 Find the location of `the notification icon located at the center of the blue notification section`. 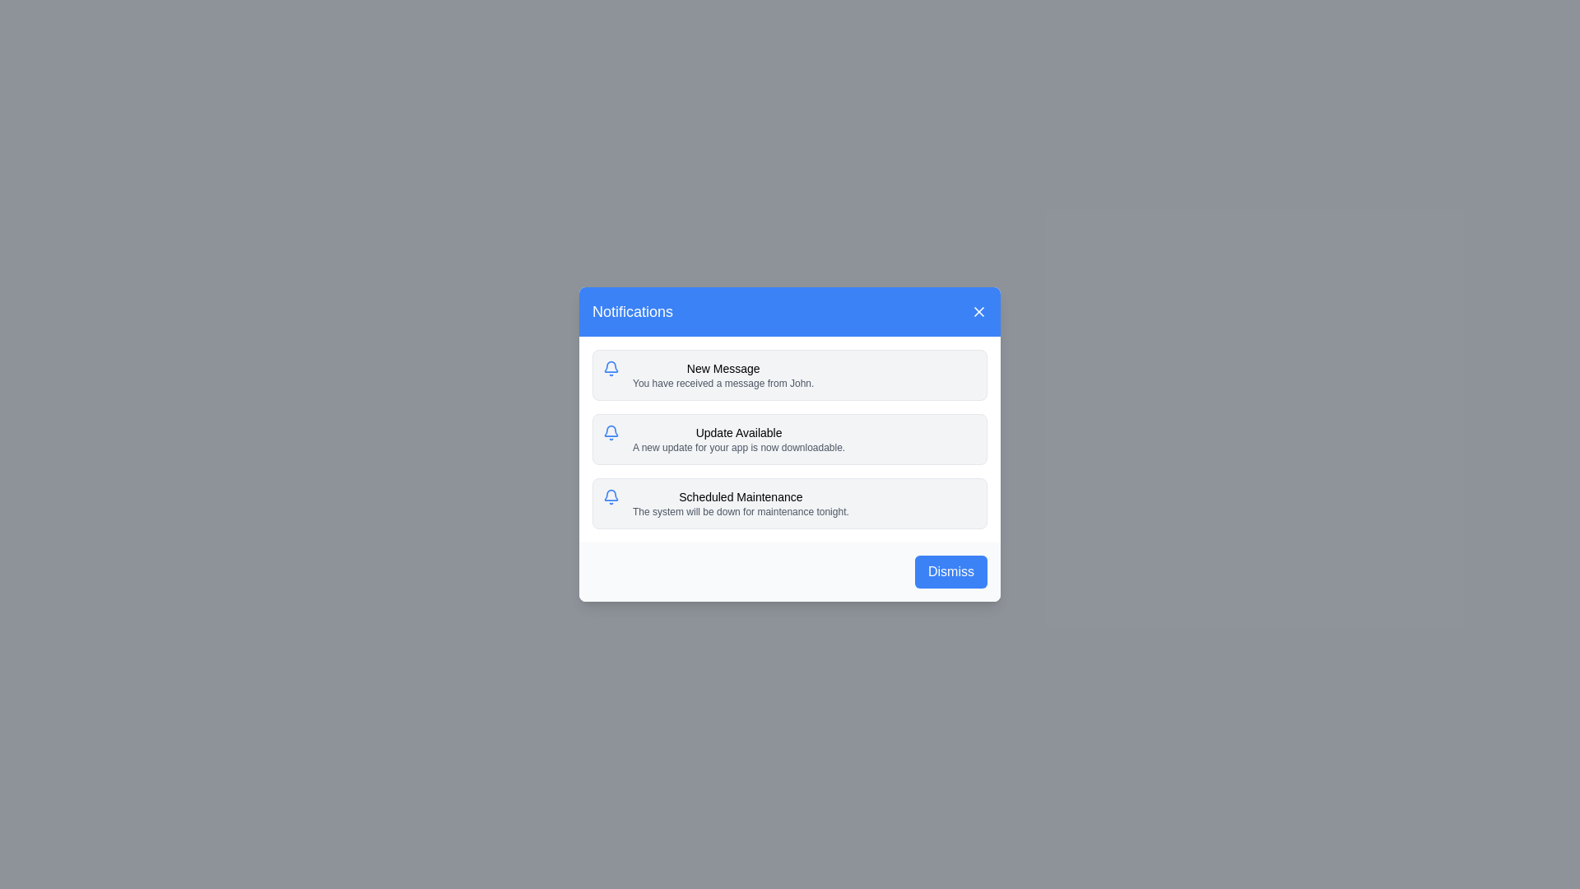

the notification icon located at the center of the blue notification section is located at coordinates (611, 494).